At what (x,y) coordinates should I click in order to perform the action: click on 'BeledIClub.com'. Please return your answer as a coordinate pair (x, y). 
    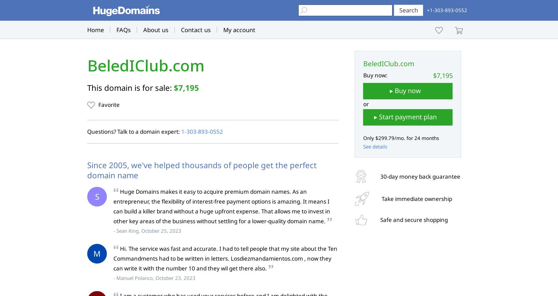
    Looking at the image, I should click on (146, 66).